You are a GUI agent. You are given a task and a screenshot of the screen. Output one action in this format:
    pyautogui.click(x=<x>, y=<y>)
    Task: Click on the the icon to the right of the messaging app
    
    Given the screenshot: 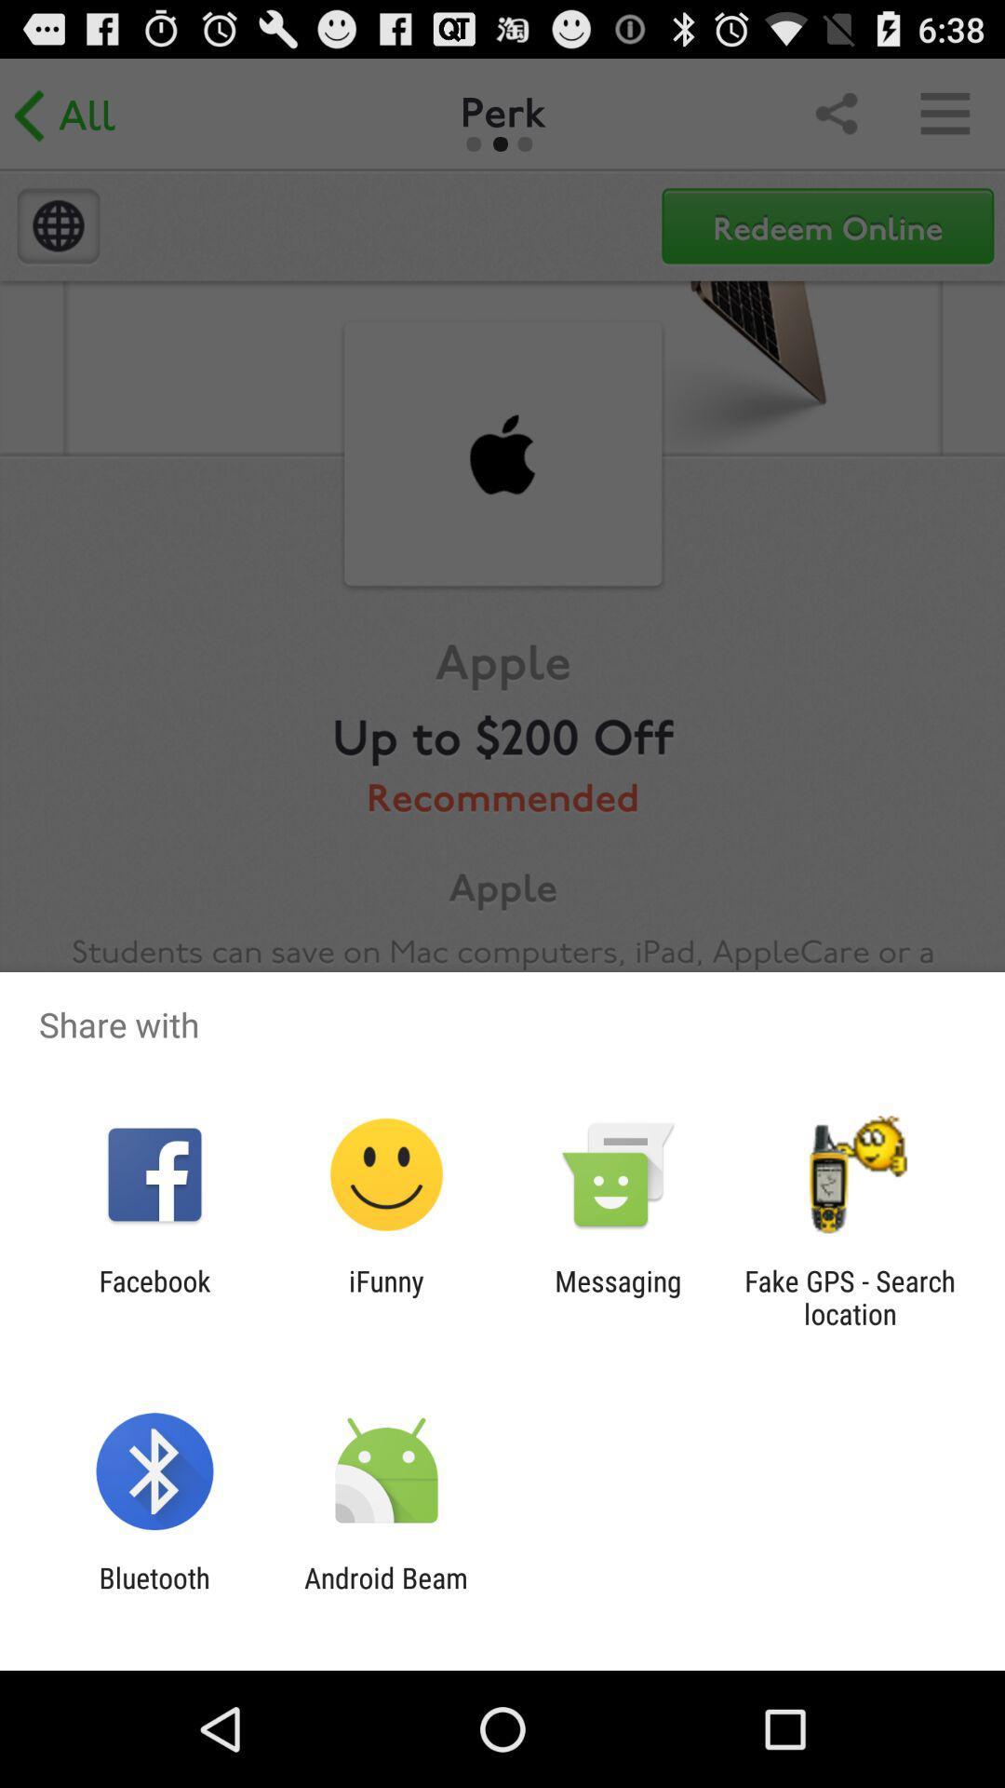 What is the action you would take?
    pyautogui.click(x=850, y=1296)
    